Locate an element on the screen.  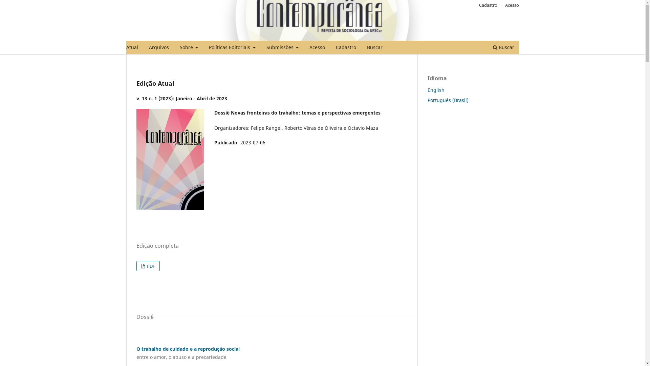
'Acesso' is located at coordinates (317, 48).